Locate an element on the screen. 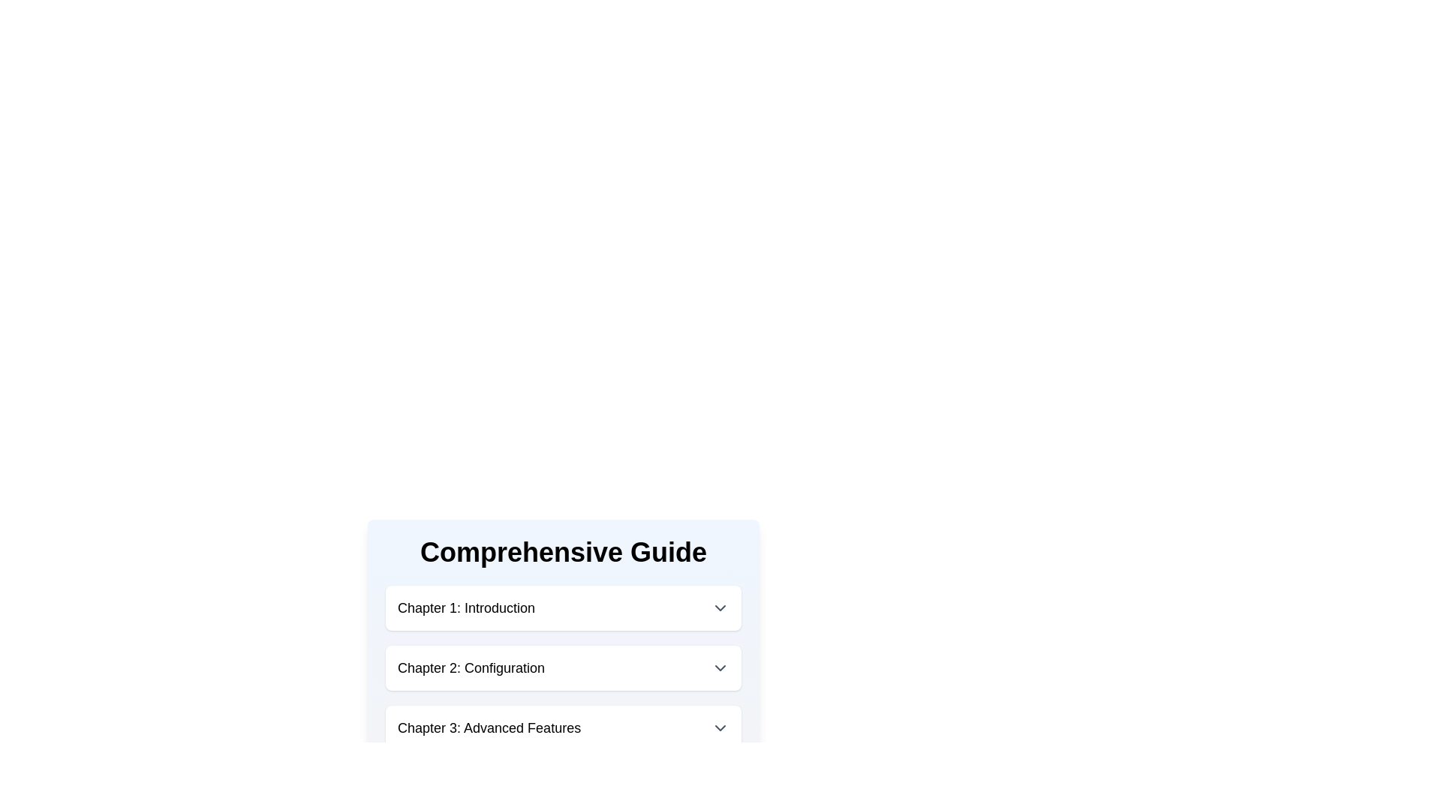 This screenshot has height=810, width=1441. the Chevron Down icon located at the far right of the row with the text 'Chapter 3: Advanced Features' is located at coordinates (720, 727).